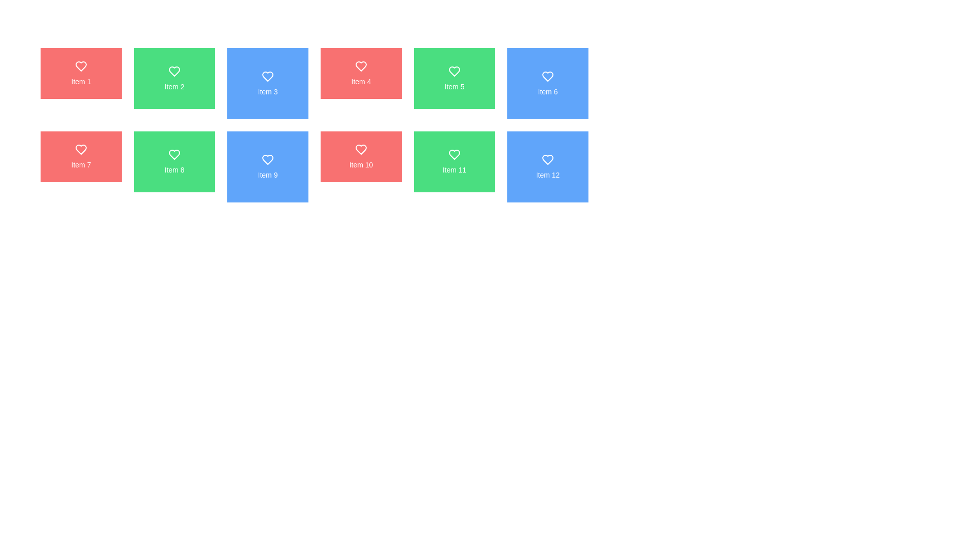 The image size is (974, 548). What do you see at coordinates (268, 76) in the screenshot?
I see `the heart icon, which is styled with thin rounded lines and positioned at the top center of the blue rectangular card labeled 'Item 3'` at bounding box center [268, 76].